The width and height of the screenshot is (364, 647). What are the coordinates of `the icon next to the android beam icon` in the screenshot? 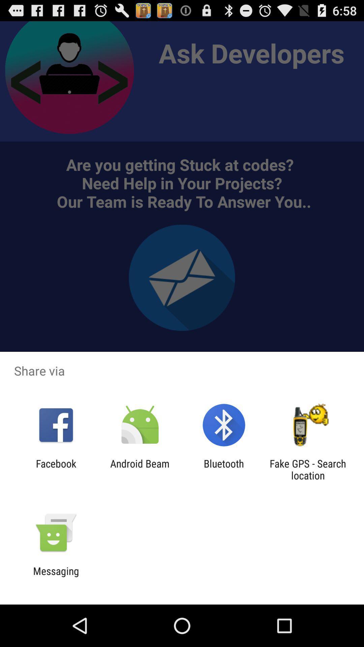 It's located at (56, 469).